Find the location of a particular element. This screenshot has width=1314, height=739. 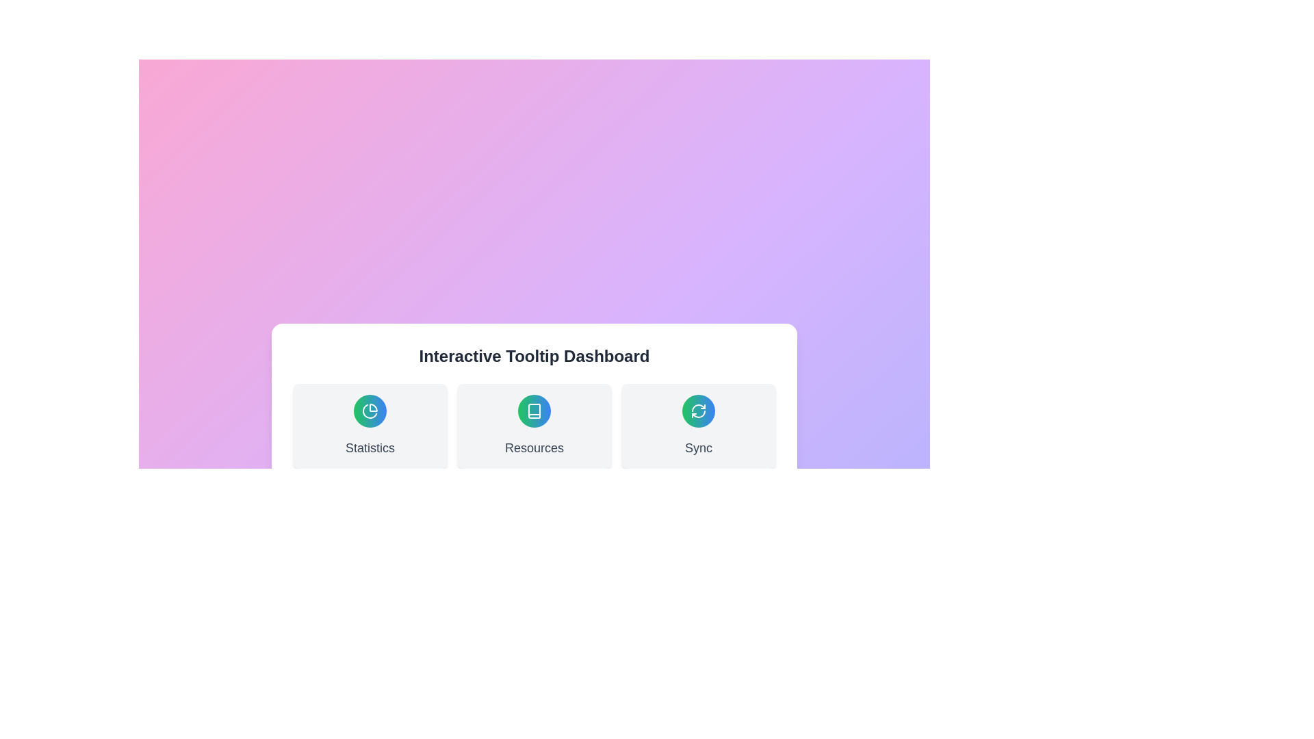

the static text label reading 'Resources' which is styled with medium-sized gray font and located in the lower portion of the second card in a row of three cards is located at coordinates (534, 448).